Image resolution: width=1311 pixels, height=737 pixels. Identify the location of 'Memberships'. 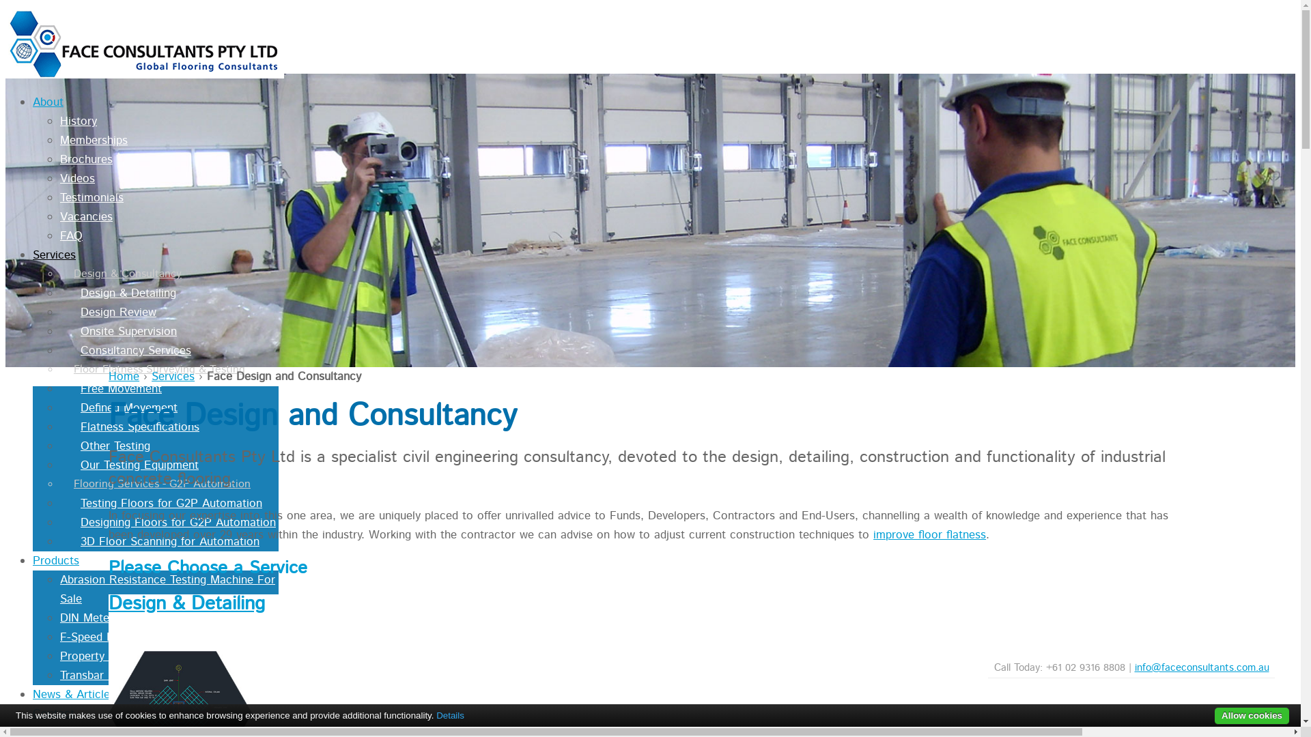
(93, 140).